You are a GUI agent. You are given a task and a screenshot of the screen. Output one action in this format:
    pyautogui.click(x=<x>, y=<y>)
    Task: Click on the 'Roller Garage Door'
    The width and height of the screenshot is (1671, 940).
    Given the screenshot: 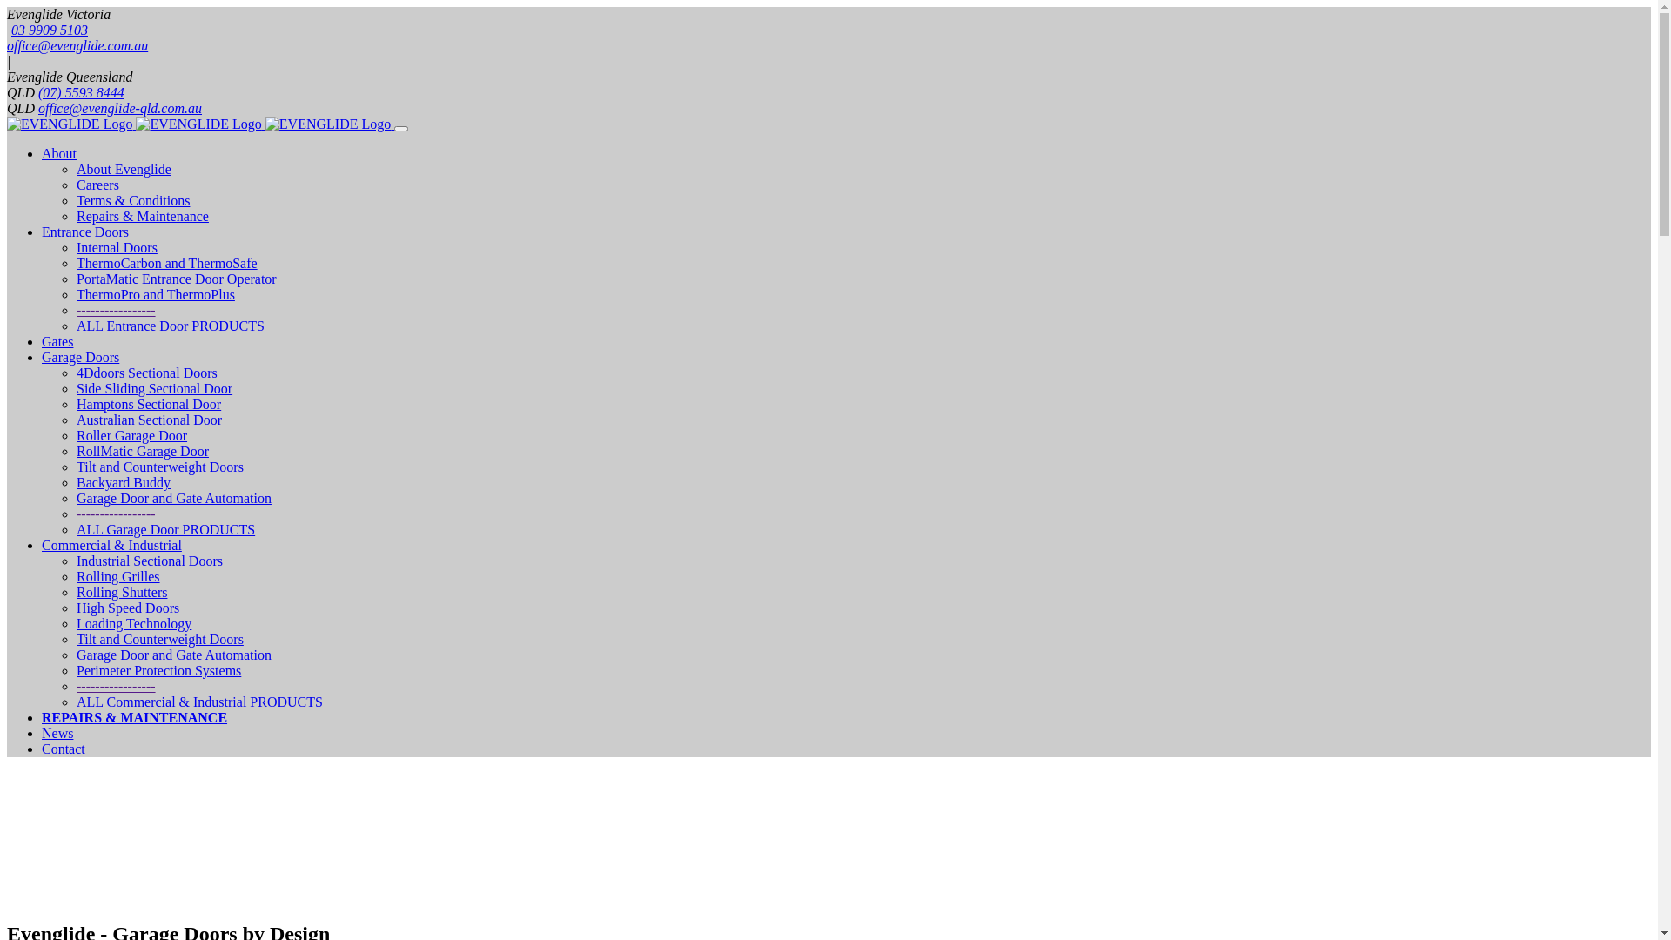 What is the action you would take?
    pyautogui.click(x=131, y=434)
    